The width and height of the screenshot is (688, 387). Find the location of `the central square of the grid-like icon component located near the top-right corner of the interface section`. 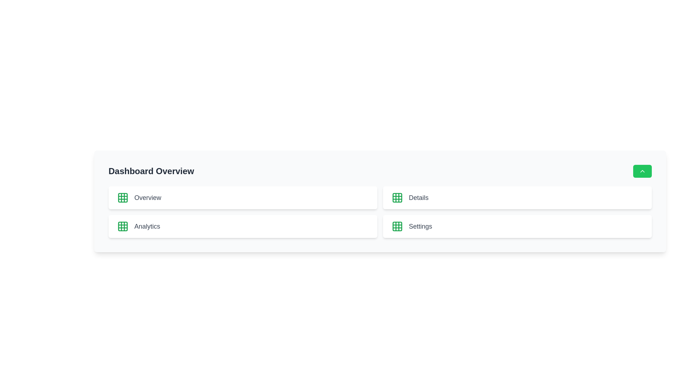

the central square of the grid-like icon component located near the top-right corner of the interface section is located at coordinates (397, 197).